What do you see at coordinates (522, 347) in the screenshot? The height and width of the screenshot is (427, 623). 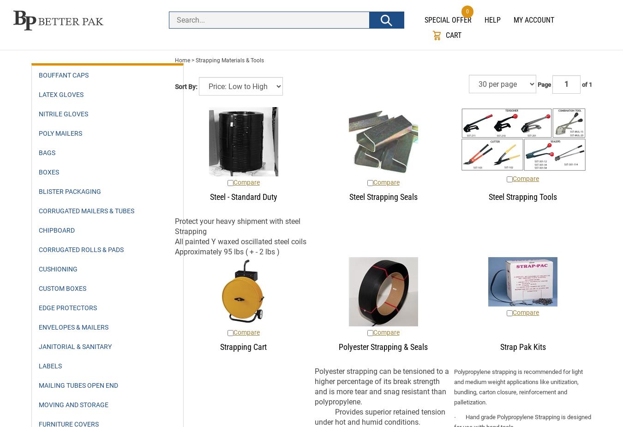 I see `'Strap Pak Kits'` at bounding box center [522, 347].